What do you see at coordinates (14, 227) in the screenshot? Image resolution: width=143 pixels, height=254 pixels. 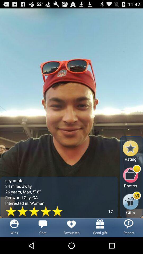 I see `the button to the left of chat item` at bounding box center [14, 227].